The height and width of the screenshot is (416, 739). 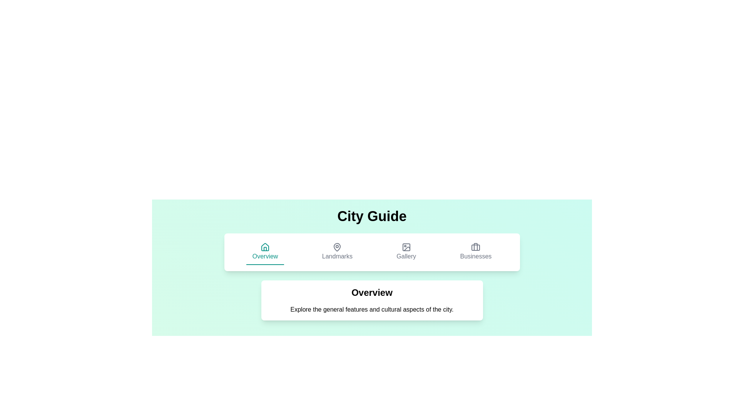 I want to click on the house icon with a teal stroke in the 'Overview' tab of the navigation bar, so click(x=265, y=247).